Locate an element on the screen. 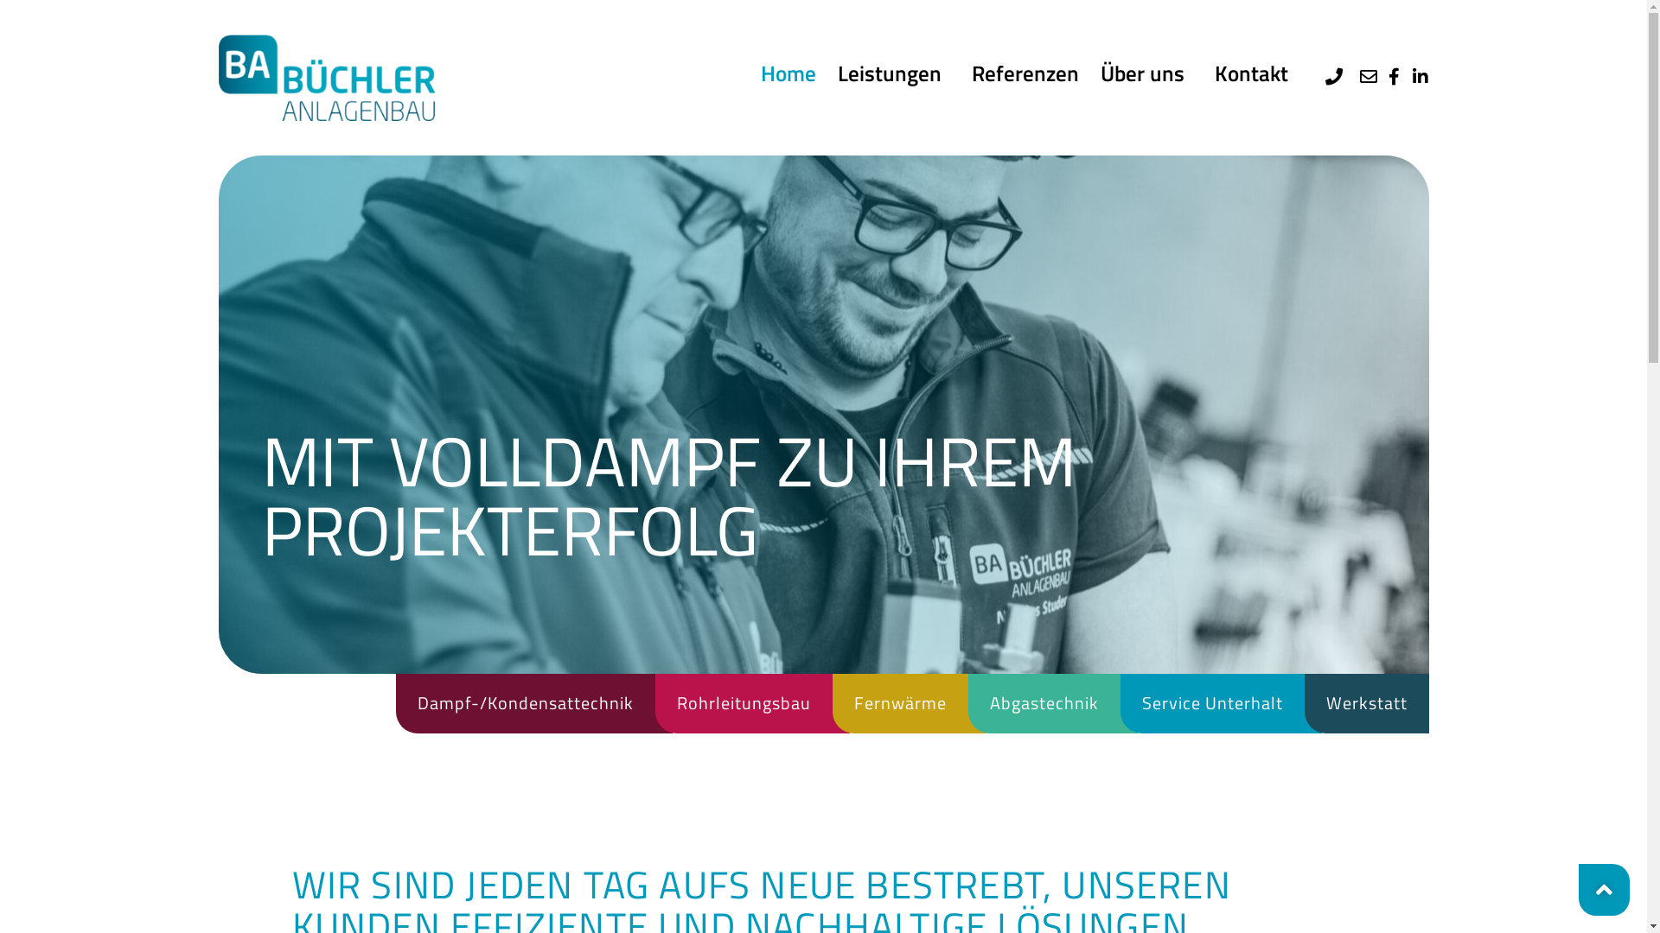  'Dampf-/Kondensattechnik' is located at coordinates (416, 702).